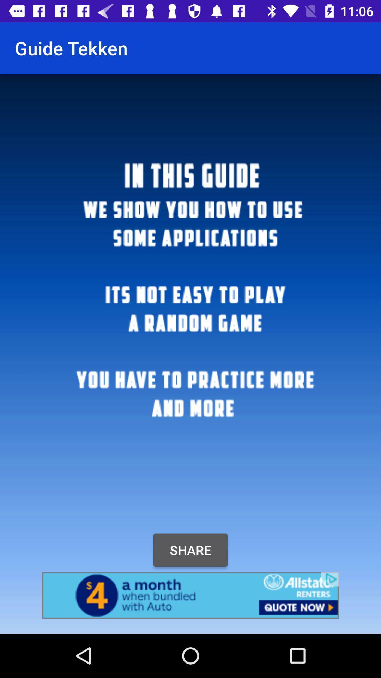 The image size is (381, 678). Describe the element at coordinates (190, 595) in the screenshot. I see `open advertisement` at that location.